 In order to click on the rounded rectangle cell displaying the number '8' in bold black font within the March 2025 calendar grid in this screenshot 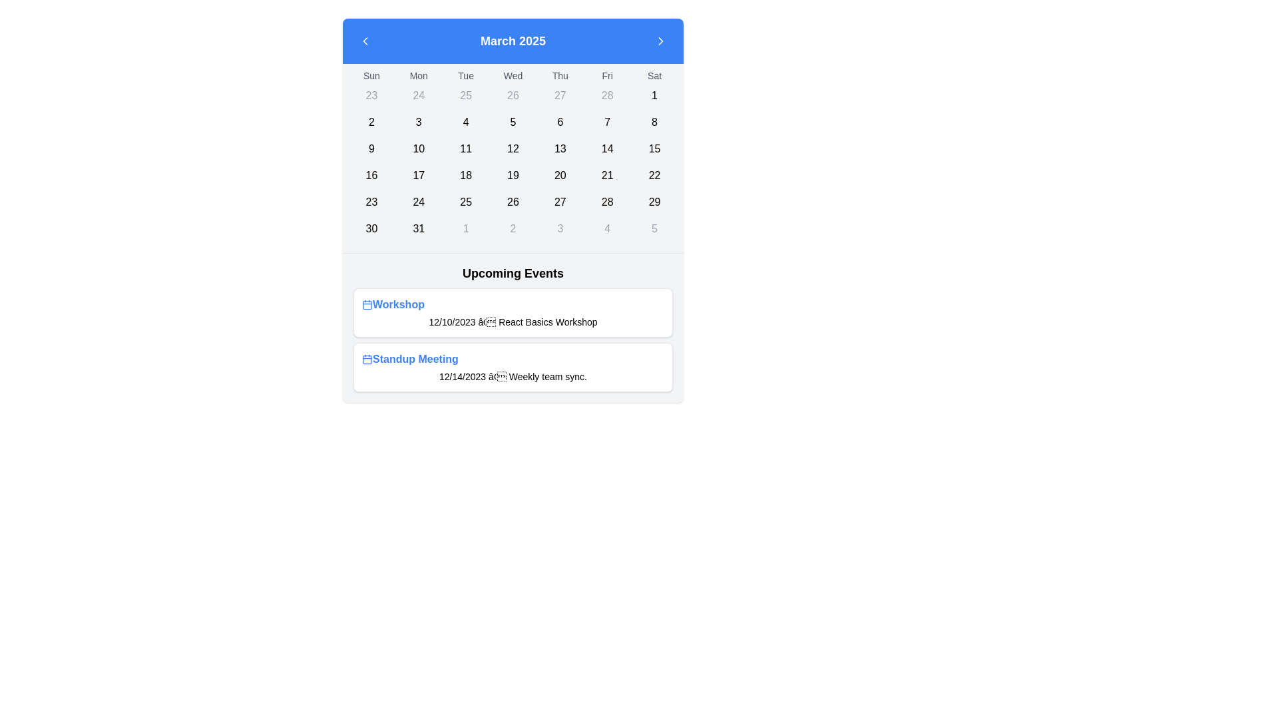, I will do `click(654, 122)`.